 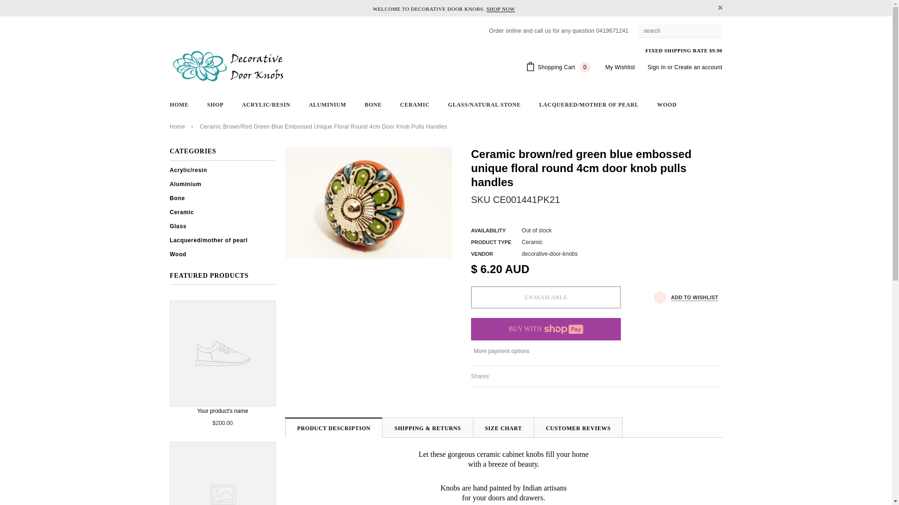 What do you see at coordinates (177, 225) in the screenshot?
I see `'Glass'` at bounding box center [177, 225].